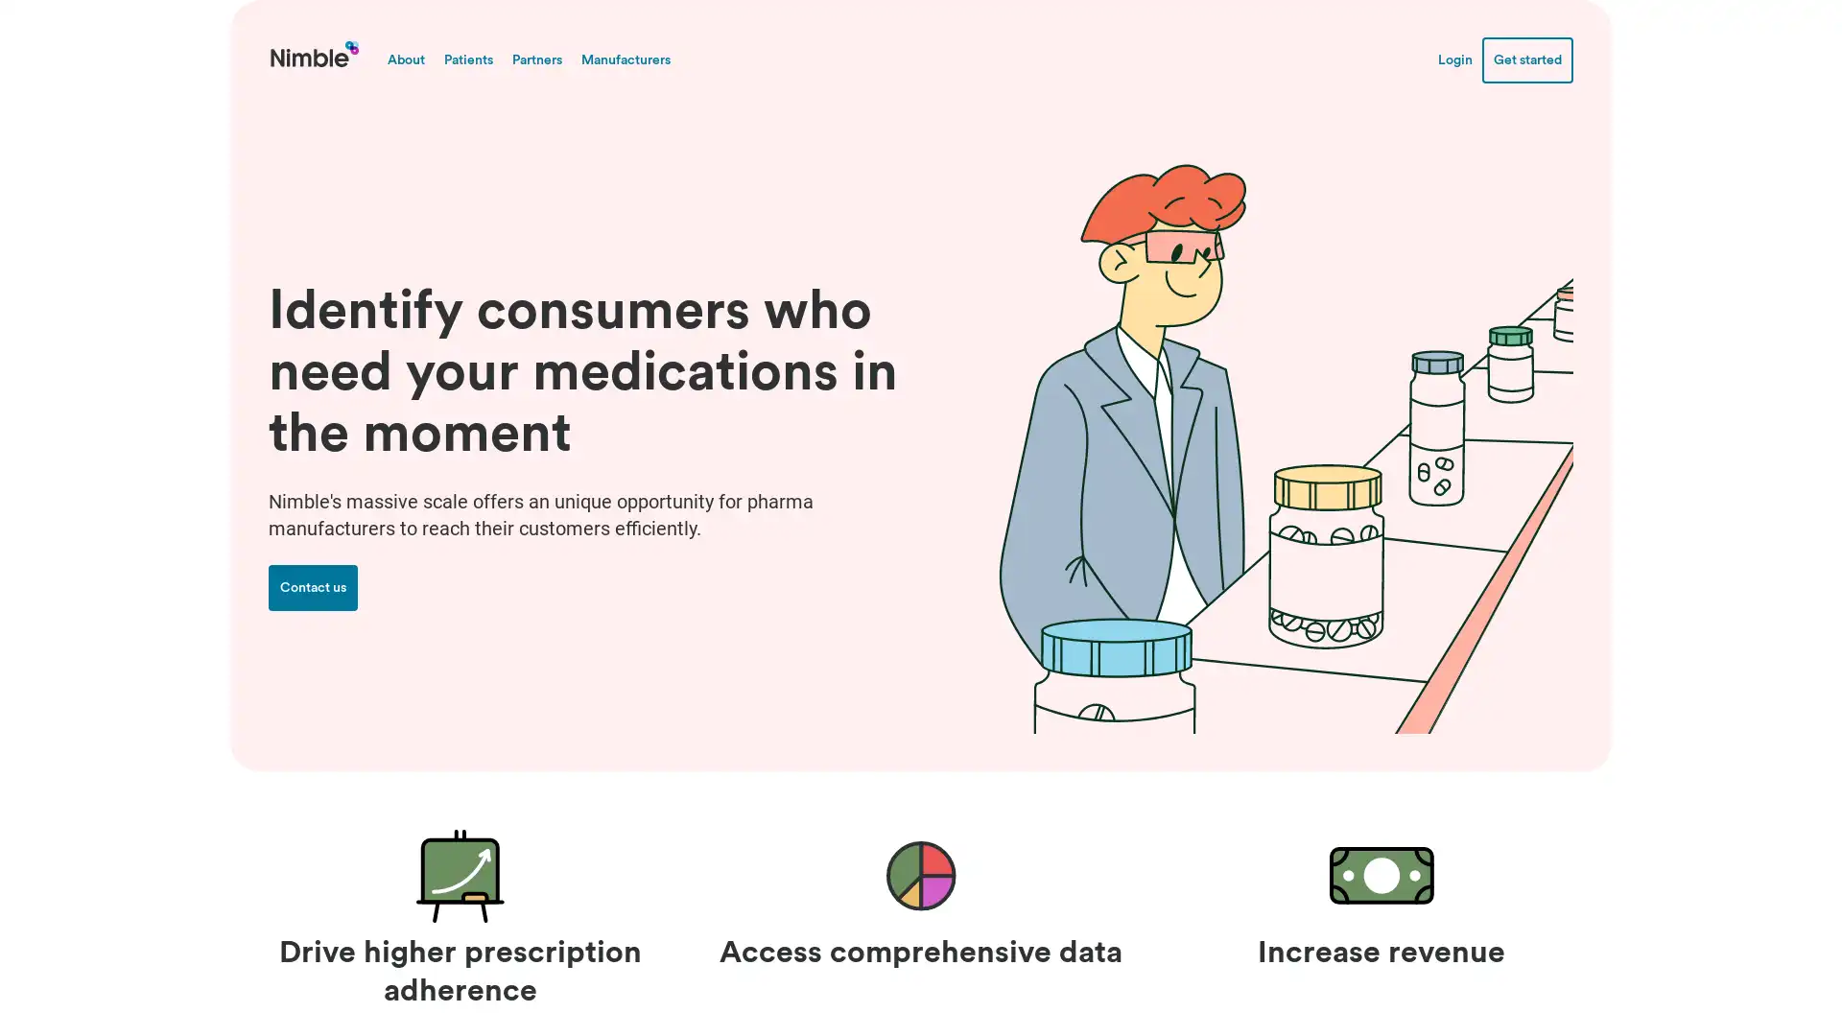 Image resolution: width=1842 pixels, height=1036 pixels. Describe the element at coordinates (468, 58) in the screenshot. I see `Patients` at that location.